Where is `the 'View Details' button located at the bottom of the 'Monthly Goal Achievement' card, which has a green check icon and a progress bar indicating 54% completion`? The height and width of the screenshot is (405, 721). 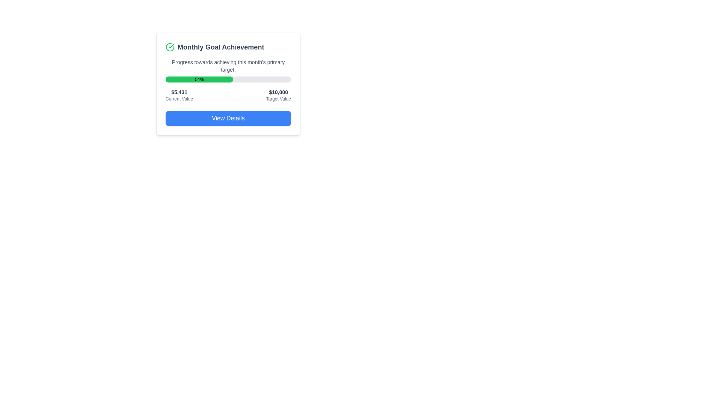
the 'View Details' button located at the bottom of the 'Monthly Goal Achievement' card, which has a green check icon and a progress bar indicating 54% completion is located at coordinates (228, 84).